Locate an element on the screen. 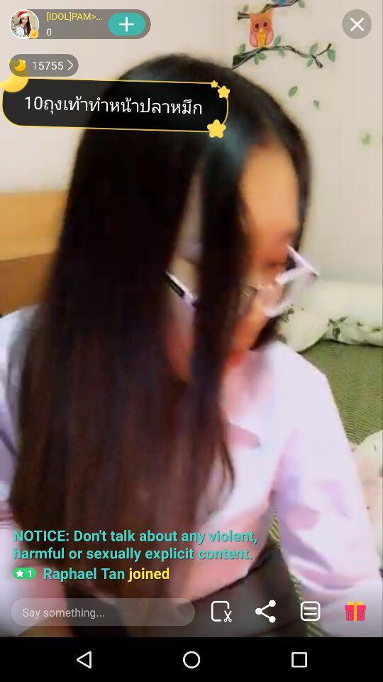 Image resolution: width=383 pixels, height=682 pixels. the users image which is at top left corner is located at coordinates (23, 23).